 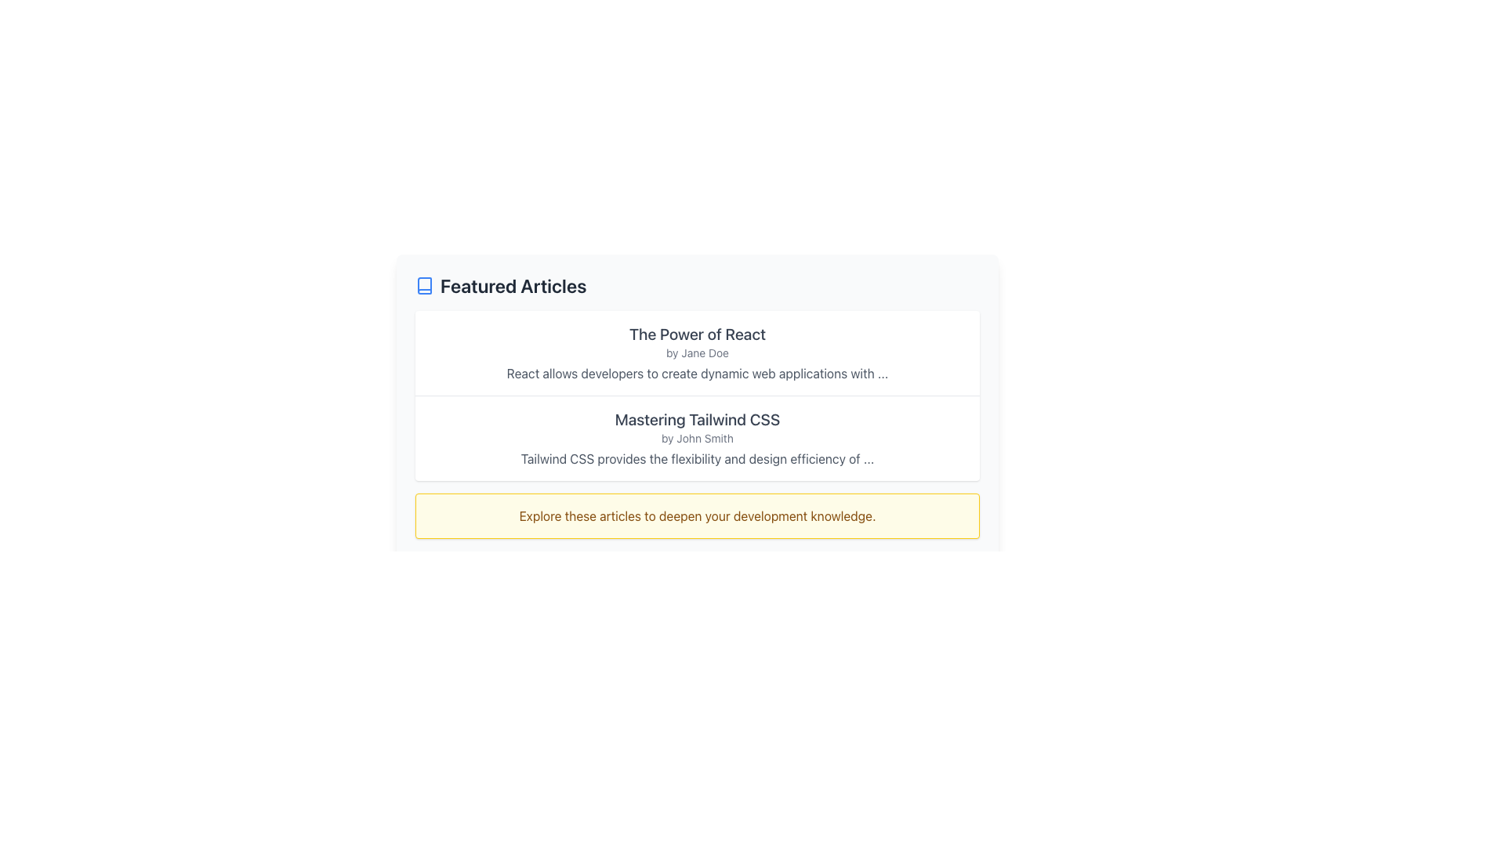 What do you see at coordinates (696, 353) in the screenshot?
I see `informational text block about 'The Power of React' located at the top of the 'Featured Articles' card` at bounding box center [696, 353].